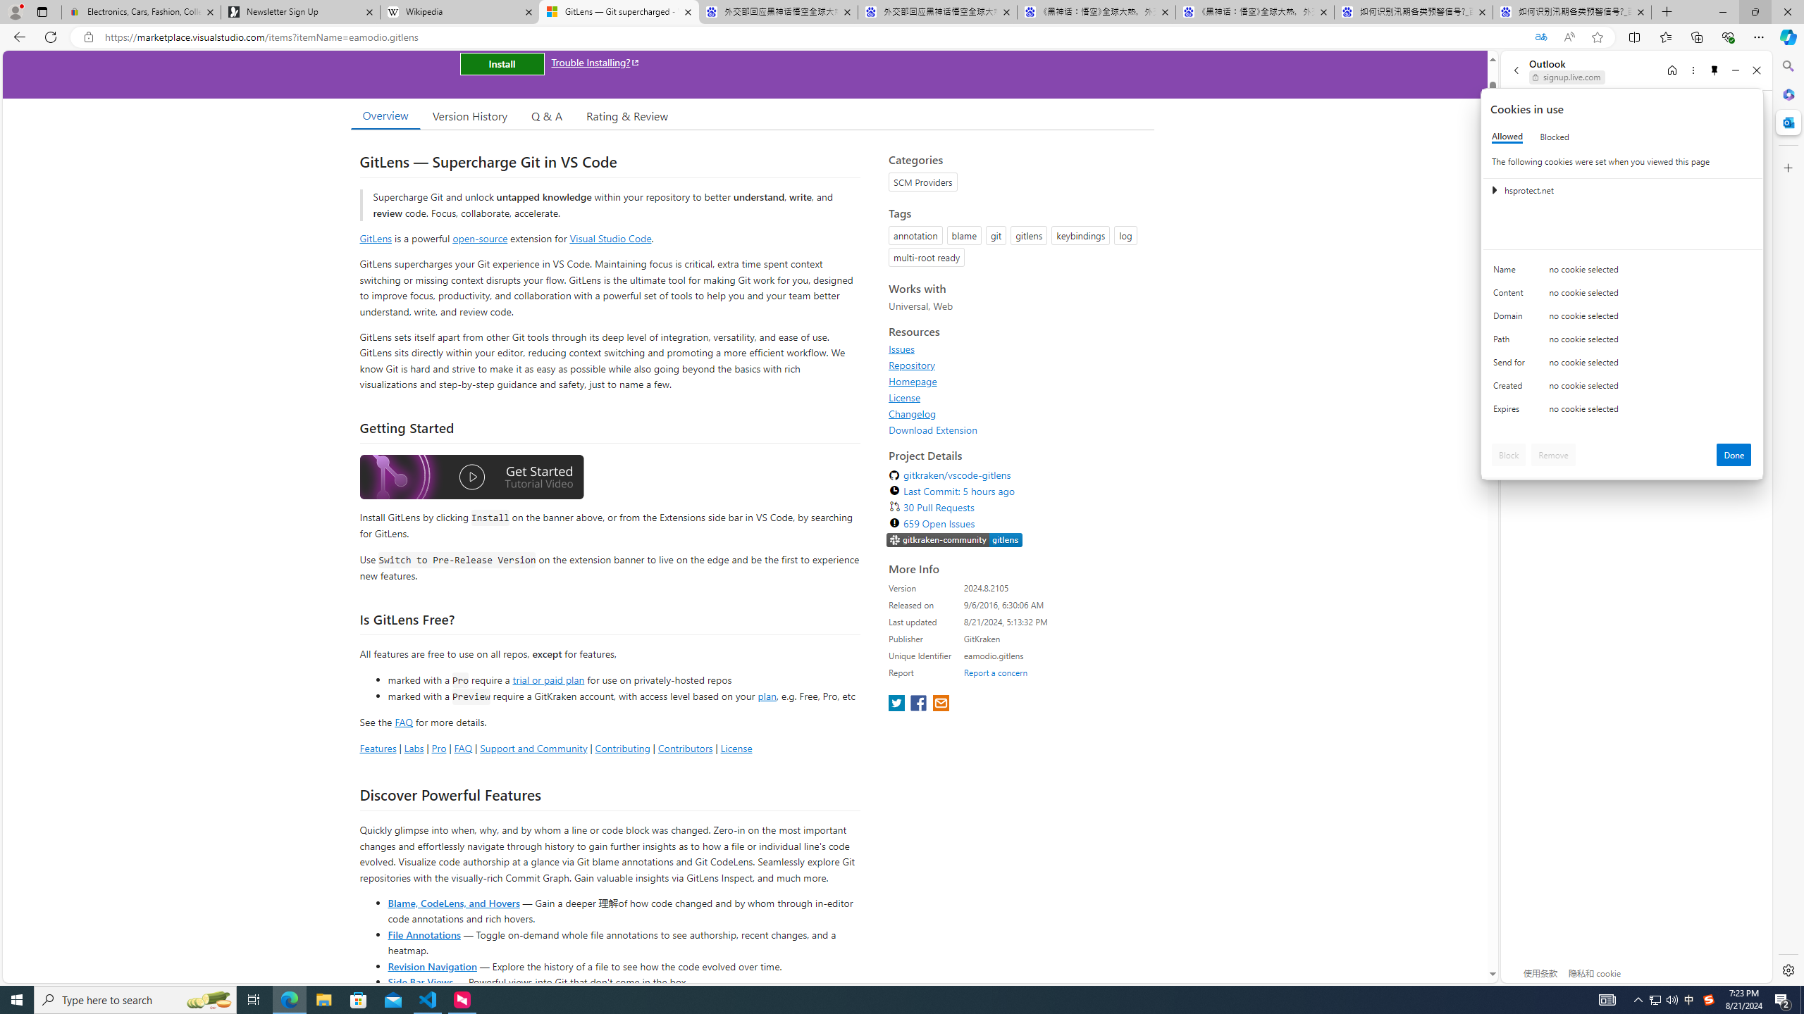  Describe the element at coordinates (1511, 272) in the screenshot. I see `'Name'` at that location.